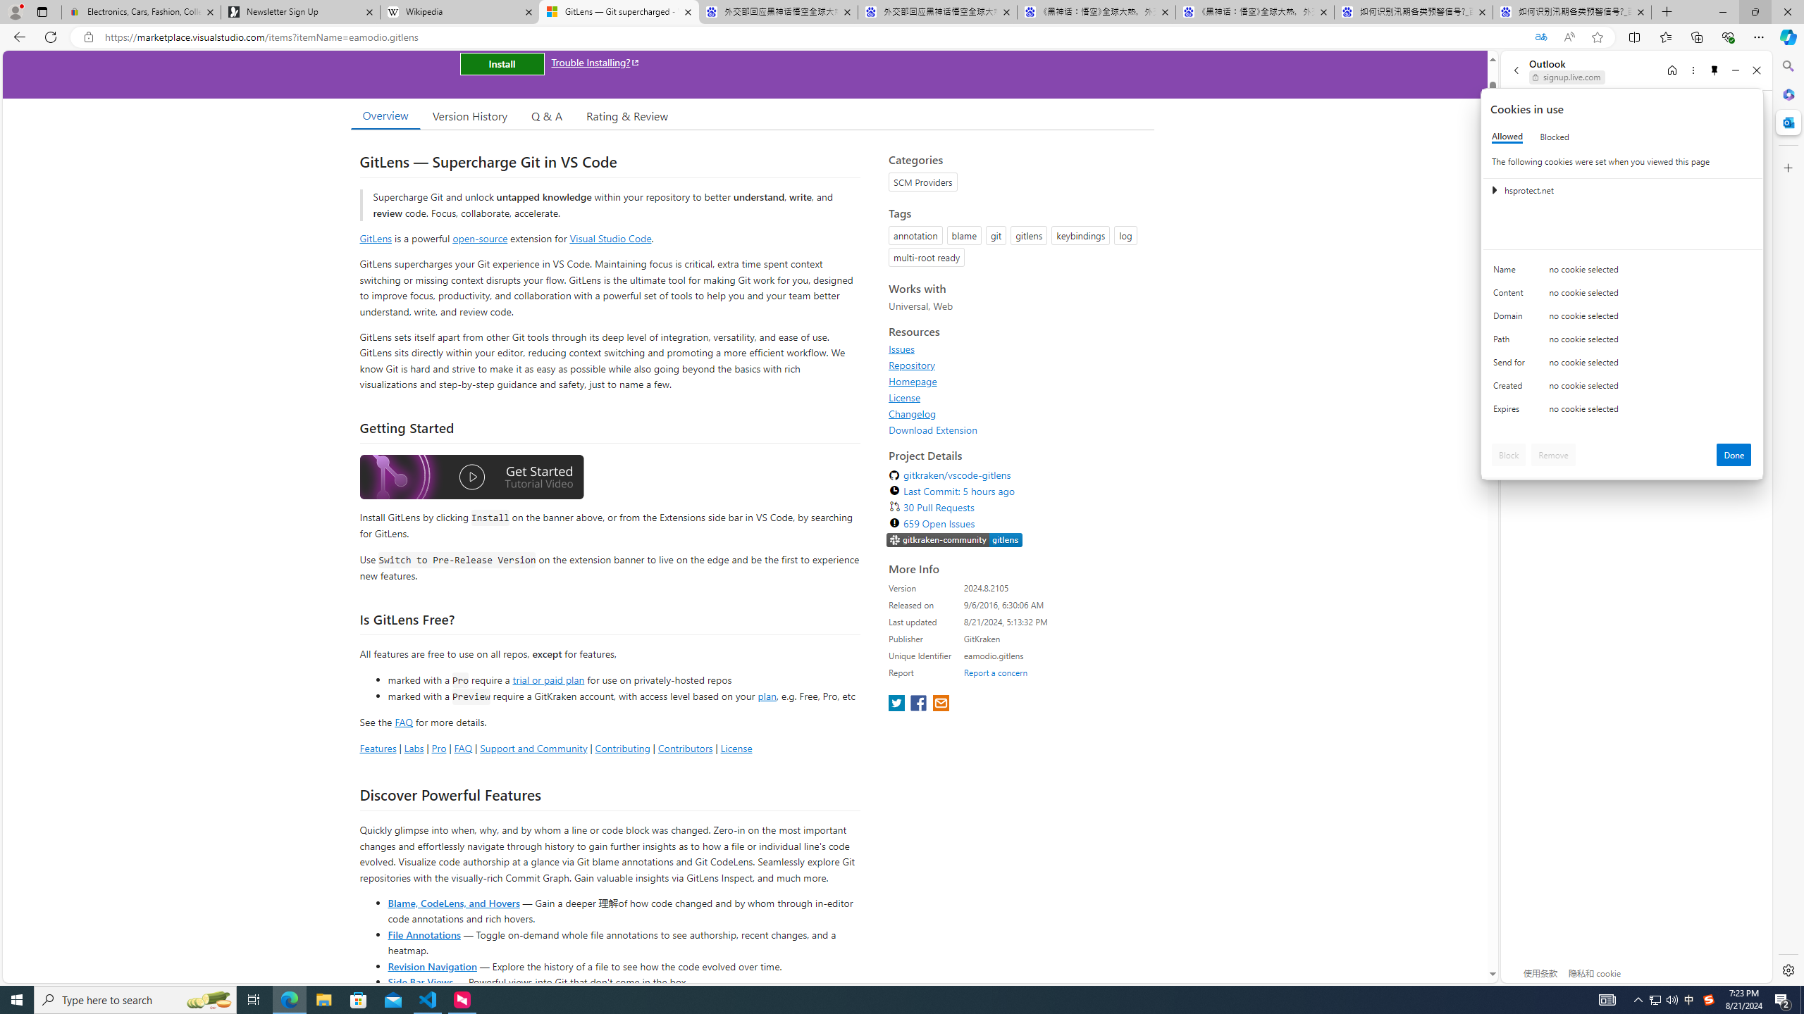  Describe the element at coordinates (1511, 272) in the screenshot. I see `'Name'` at that location.